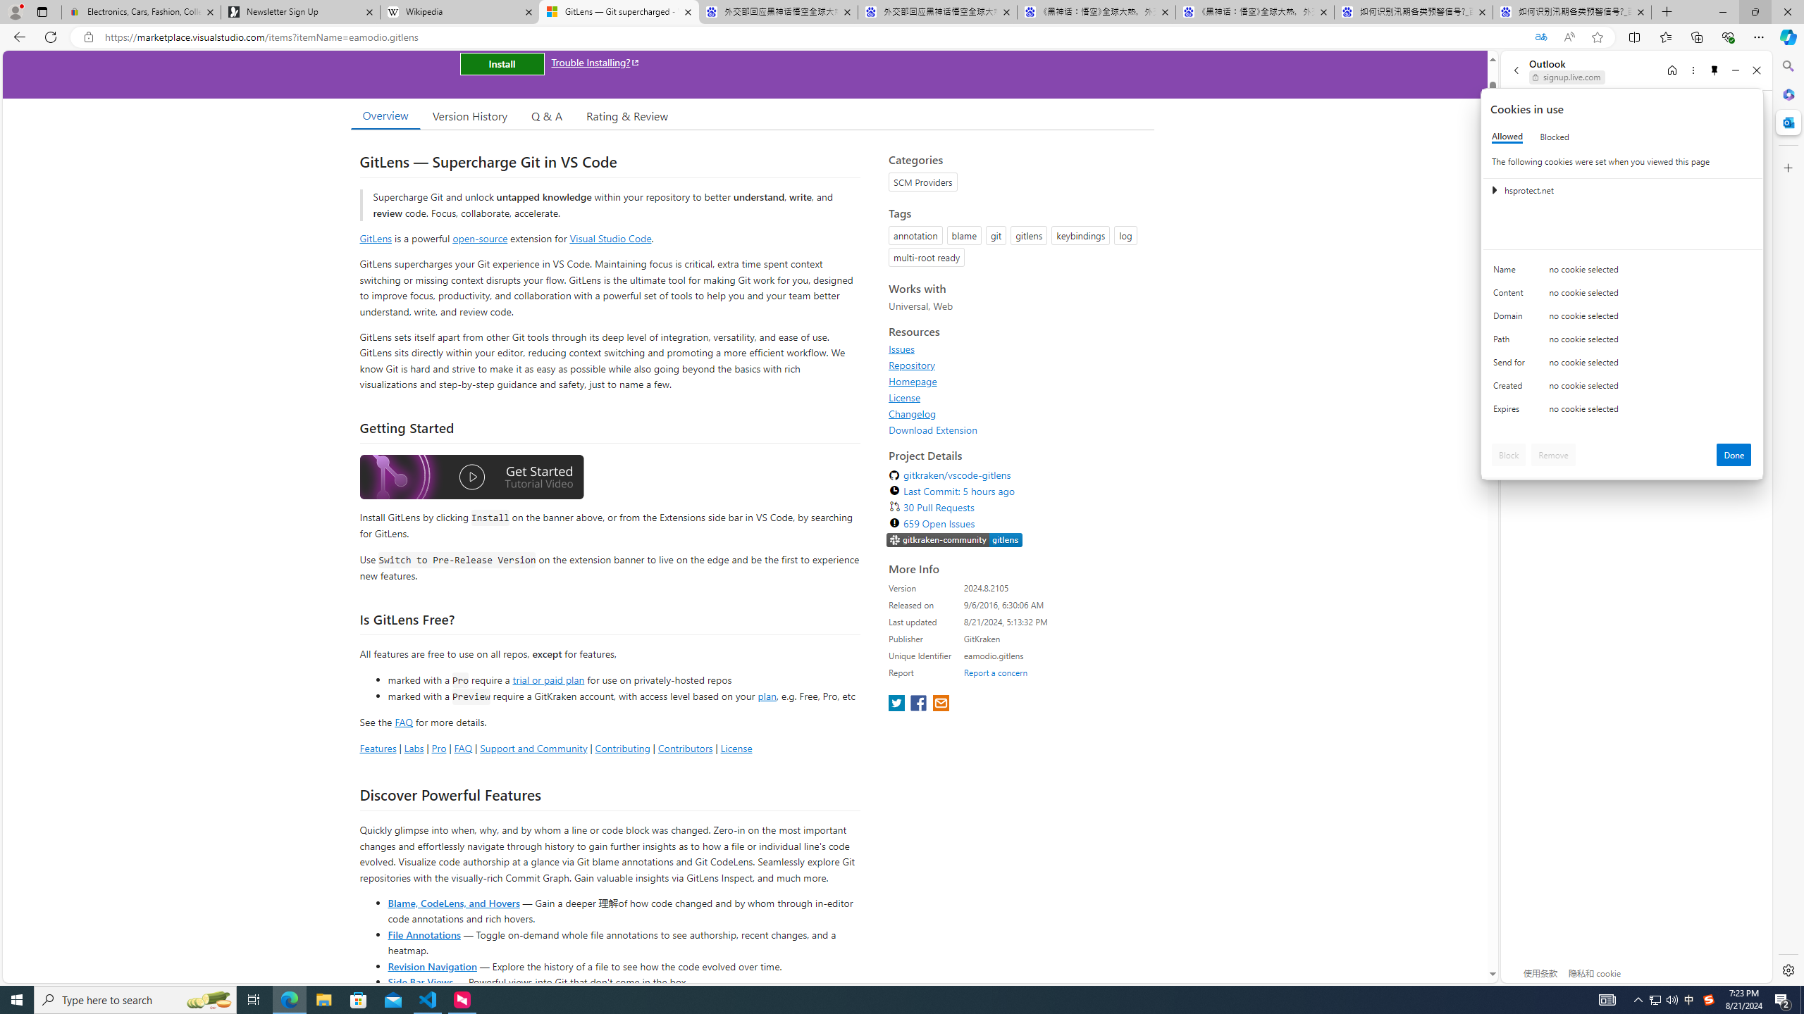  Describe the element at coordinates (1511, 272) in the screenshot. I see `'Name'` at that location.